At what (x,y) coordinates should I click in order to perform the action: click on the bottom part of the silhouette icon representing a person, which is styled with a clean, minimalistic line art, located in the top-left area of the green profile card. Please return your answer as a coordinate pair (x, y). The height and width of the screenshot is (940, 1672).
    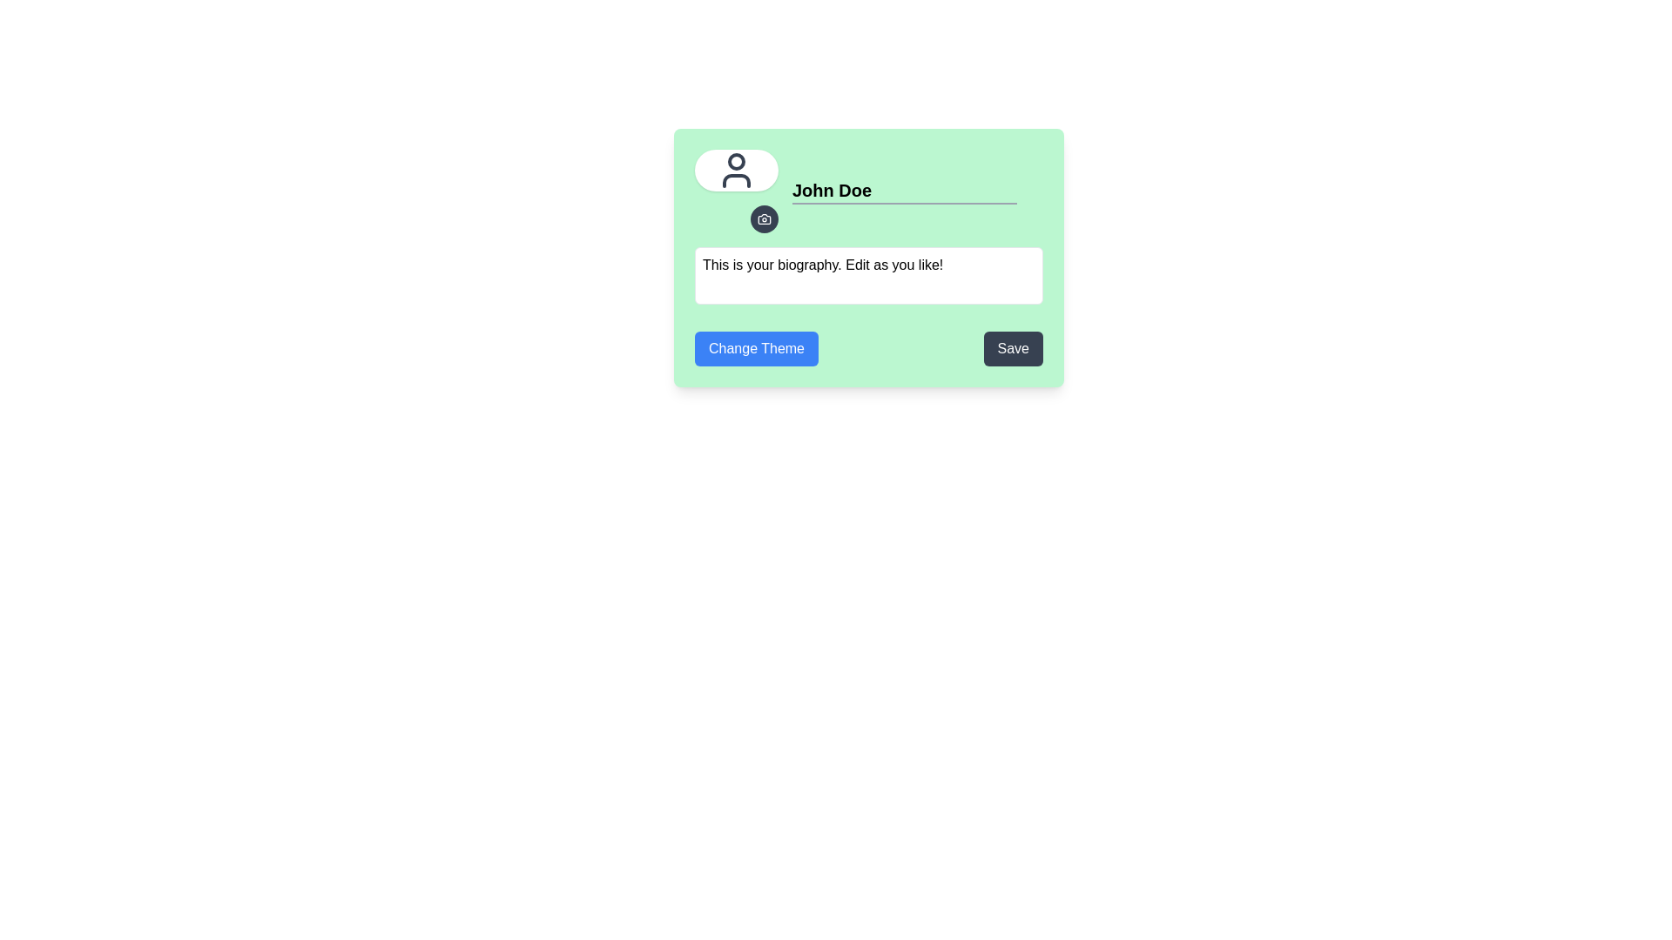
    Looking at the image, I should click on (736, 181).